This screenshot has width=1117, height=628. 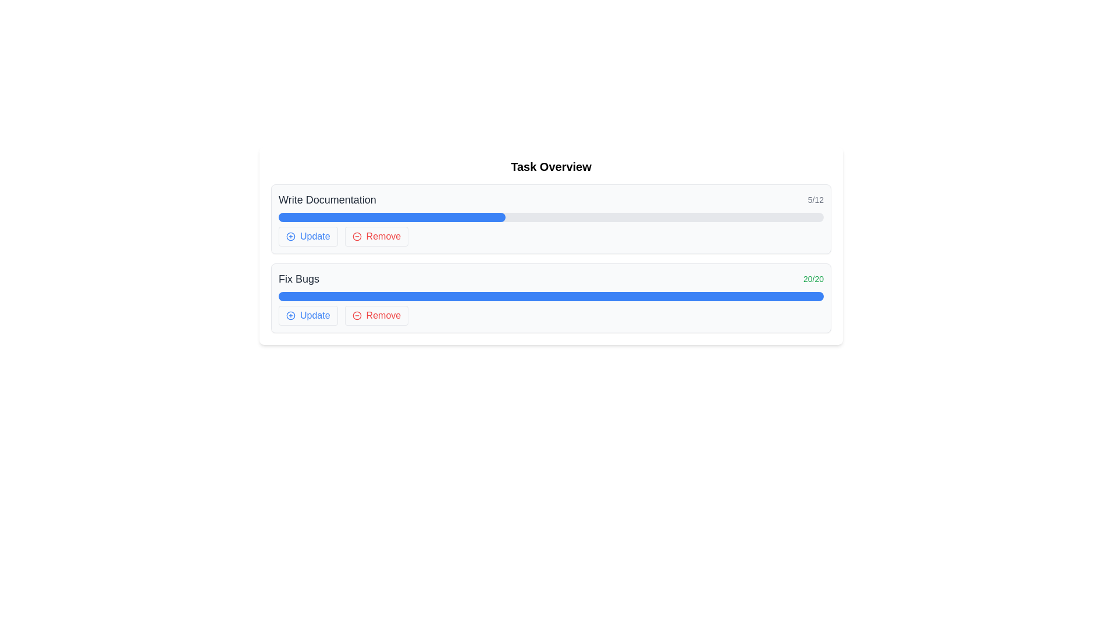 I want to click on the 'Remove' button in the Button group for managing tasks related to 'Write Documentation', so click(x=550, y=236).